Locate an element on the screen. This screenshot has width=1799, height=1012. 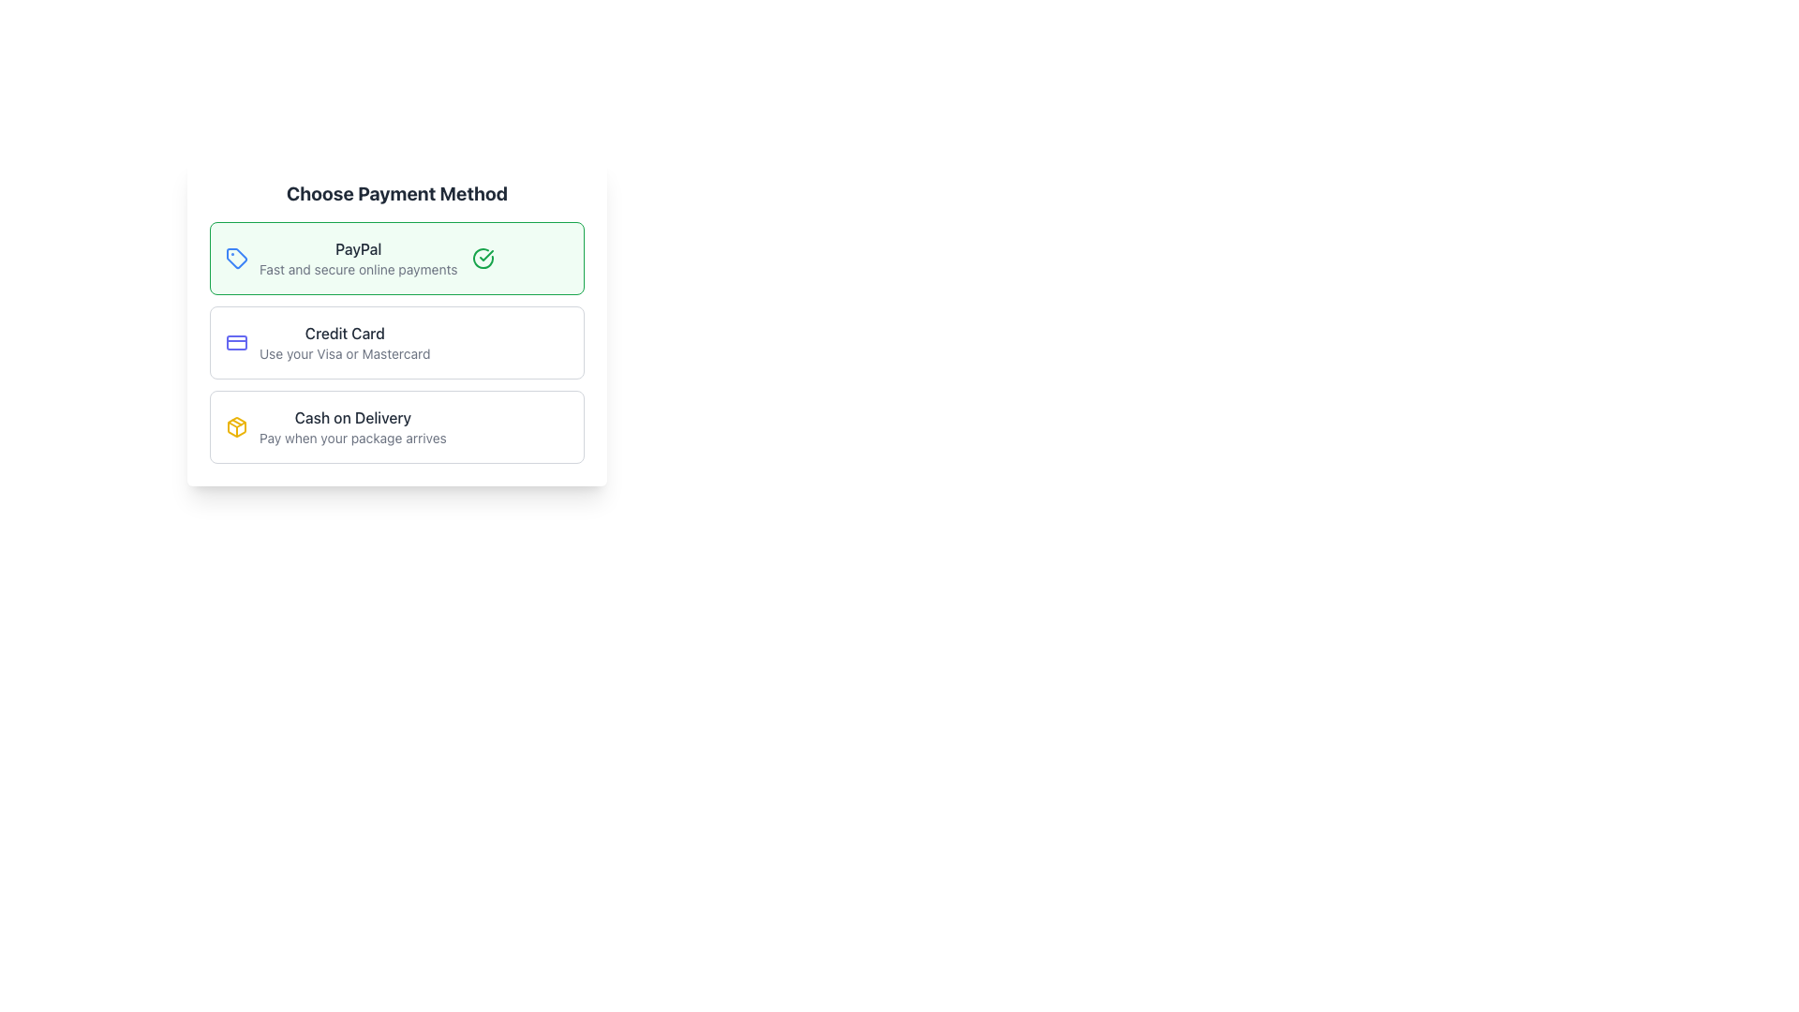
the text block displaying 'Credit Card' which is styled with a bold dark font and contains the description 'Use your Visa or Mastercard'. This block is visually centered within its card, positioned between the 'PayPal' and 'Cash on Delivery' options is located at coordinates (345, 343).